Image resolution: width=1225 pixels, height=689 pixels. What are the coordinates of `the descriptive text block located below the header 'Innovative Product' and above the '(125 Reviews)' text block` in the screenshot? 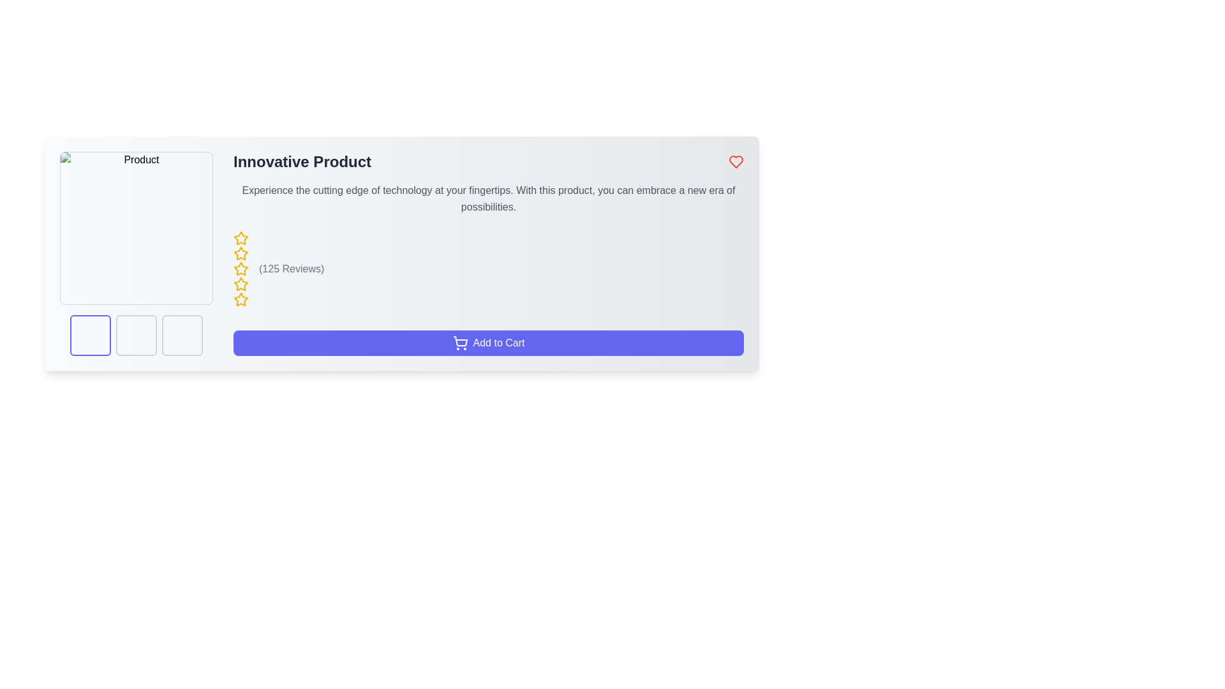 It's located at (488, 199).